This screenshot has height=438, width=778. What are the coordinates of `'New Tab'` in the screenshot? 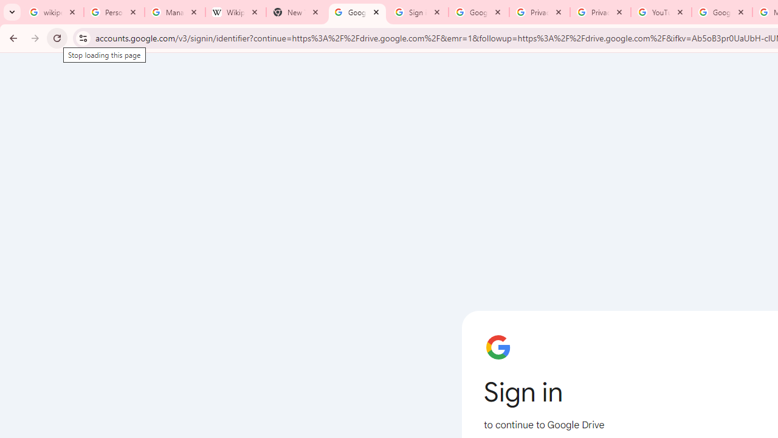 It's located at (296, 12).